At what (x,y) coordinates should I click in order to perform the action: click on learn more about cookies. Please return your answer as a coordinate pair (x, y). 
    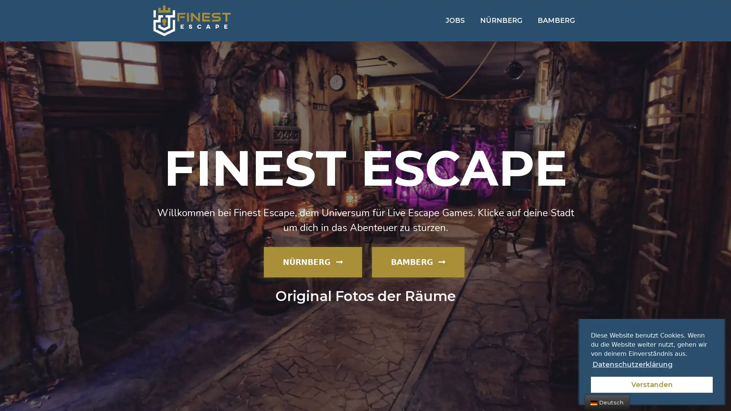
    Looking at the image, I should click on (632, 364).